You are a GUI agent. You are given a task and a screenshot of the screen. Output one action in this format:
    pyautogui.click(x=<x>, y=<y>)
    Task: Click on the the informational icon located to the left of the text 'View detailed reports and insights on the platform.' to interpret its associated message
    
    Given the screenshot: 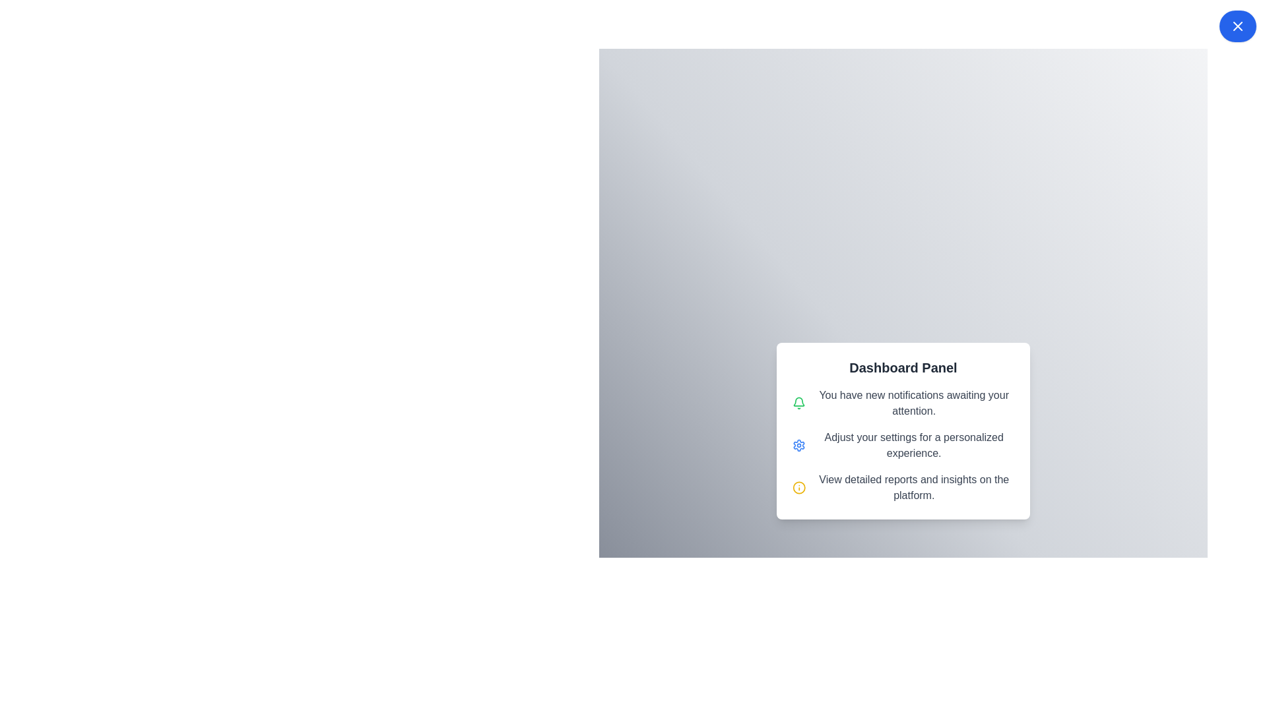 What is the action you would take?
    pyautogui.click(x=798, y=488)
    